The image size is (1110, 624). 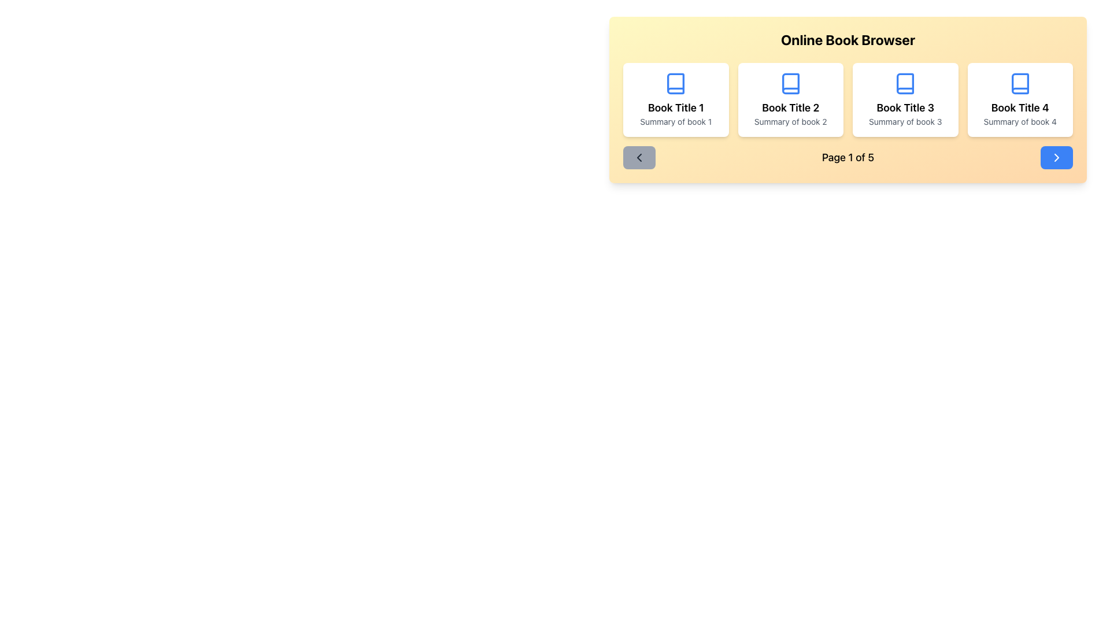 I want to click on text displaying the summary or description of the book titled 'Book Title 2', located below its title in the second slot of the book browser interface, so click(x=790, y=122).